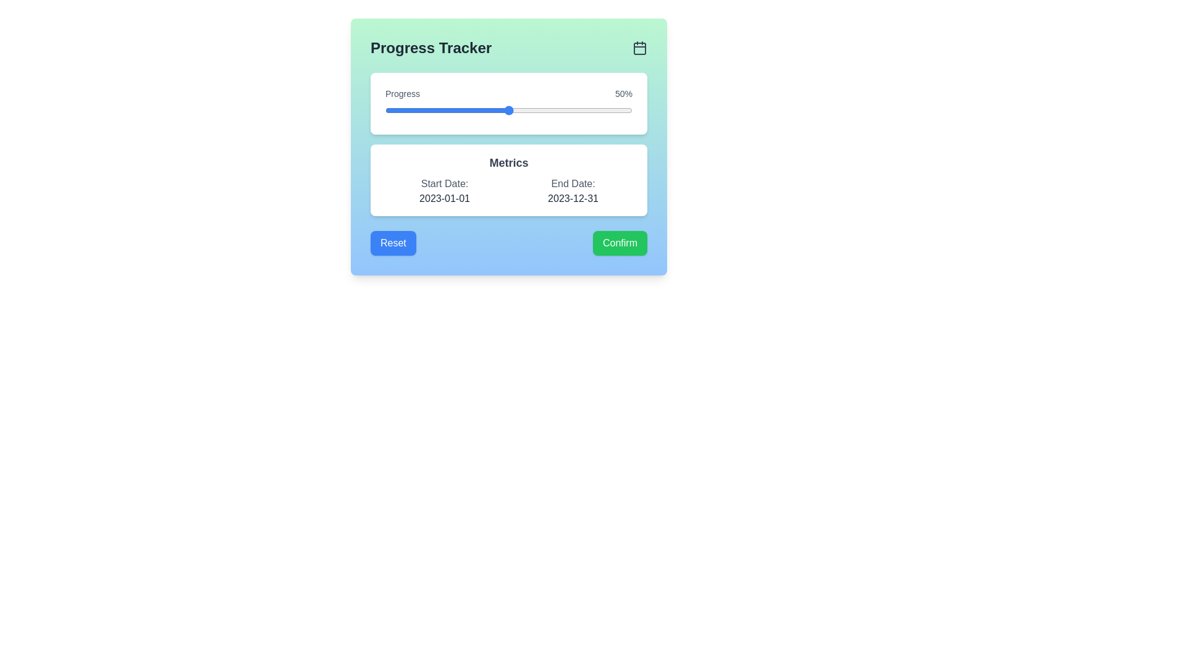 The height and width of the screenshot is (667, 1186). I want to click on the progress, so click(528, 109).